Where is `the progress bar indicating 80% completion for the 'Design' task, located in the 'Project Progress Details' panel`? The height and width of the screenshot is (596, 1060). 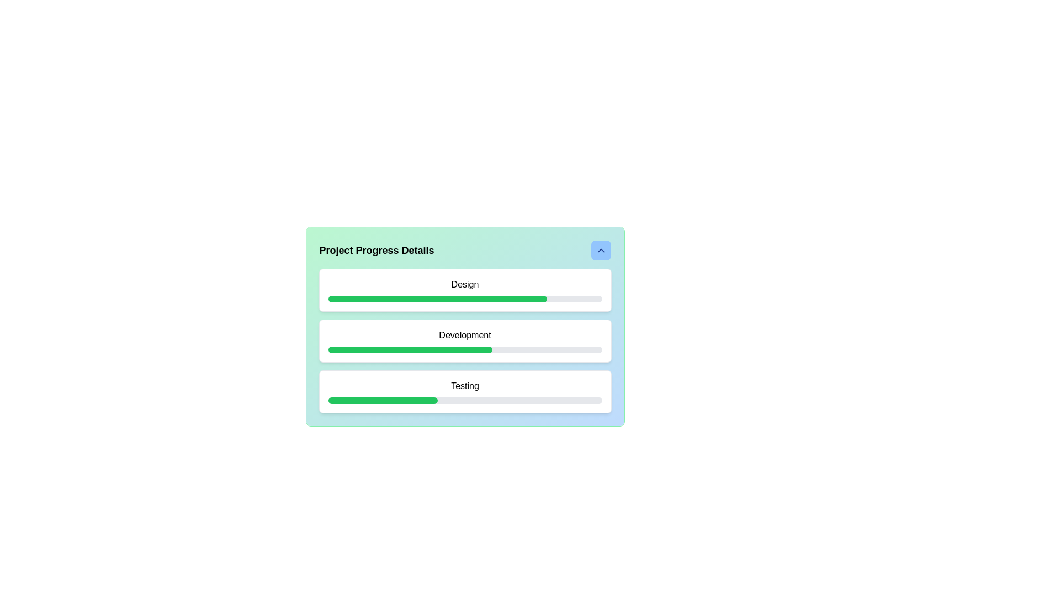
the progress bar indicating 80% completion for the 'Design' task, located in the 'Project Progress Details' panel is located at coordinates (465, 299).